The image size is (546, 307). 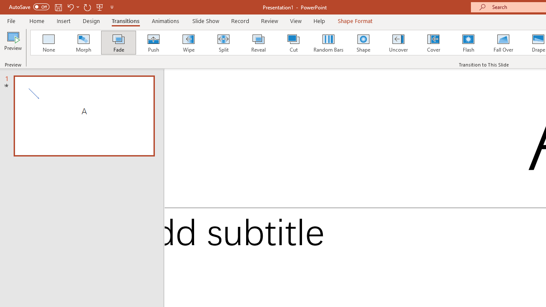 What do you see at coordinates (118, 43) in the screenshot?
I see `'Fade'` at bounding box center [118, 43].